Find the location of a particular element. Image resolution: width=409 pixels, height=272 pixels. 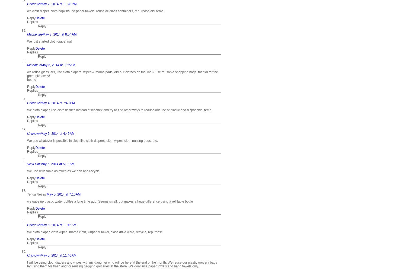

'Terica Revels' is located at coordinates (37, 194).